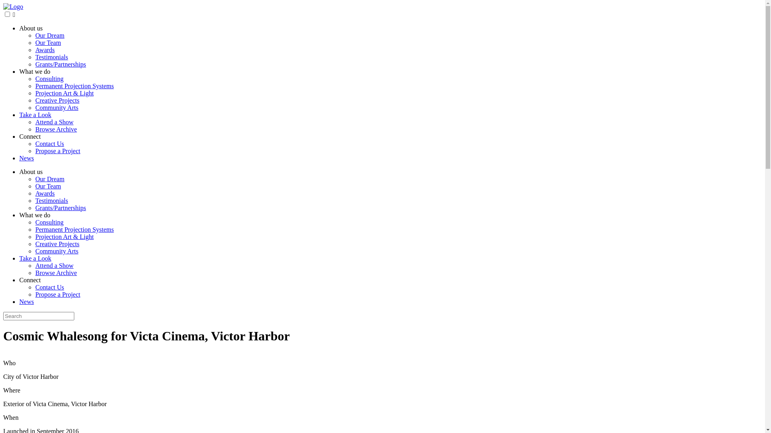 This screenshot has width=771, height=433. What do you see at coordinates (30, 279) in the screenshot?
I see `'Connect'` at bounding box center [30, 279].